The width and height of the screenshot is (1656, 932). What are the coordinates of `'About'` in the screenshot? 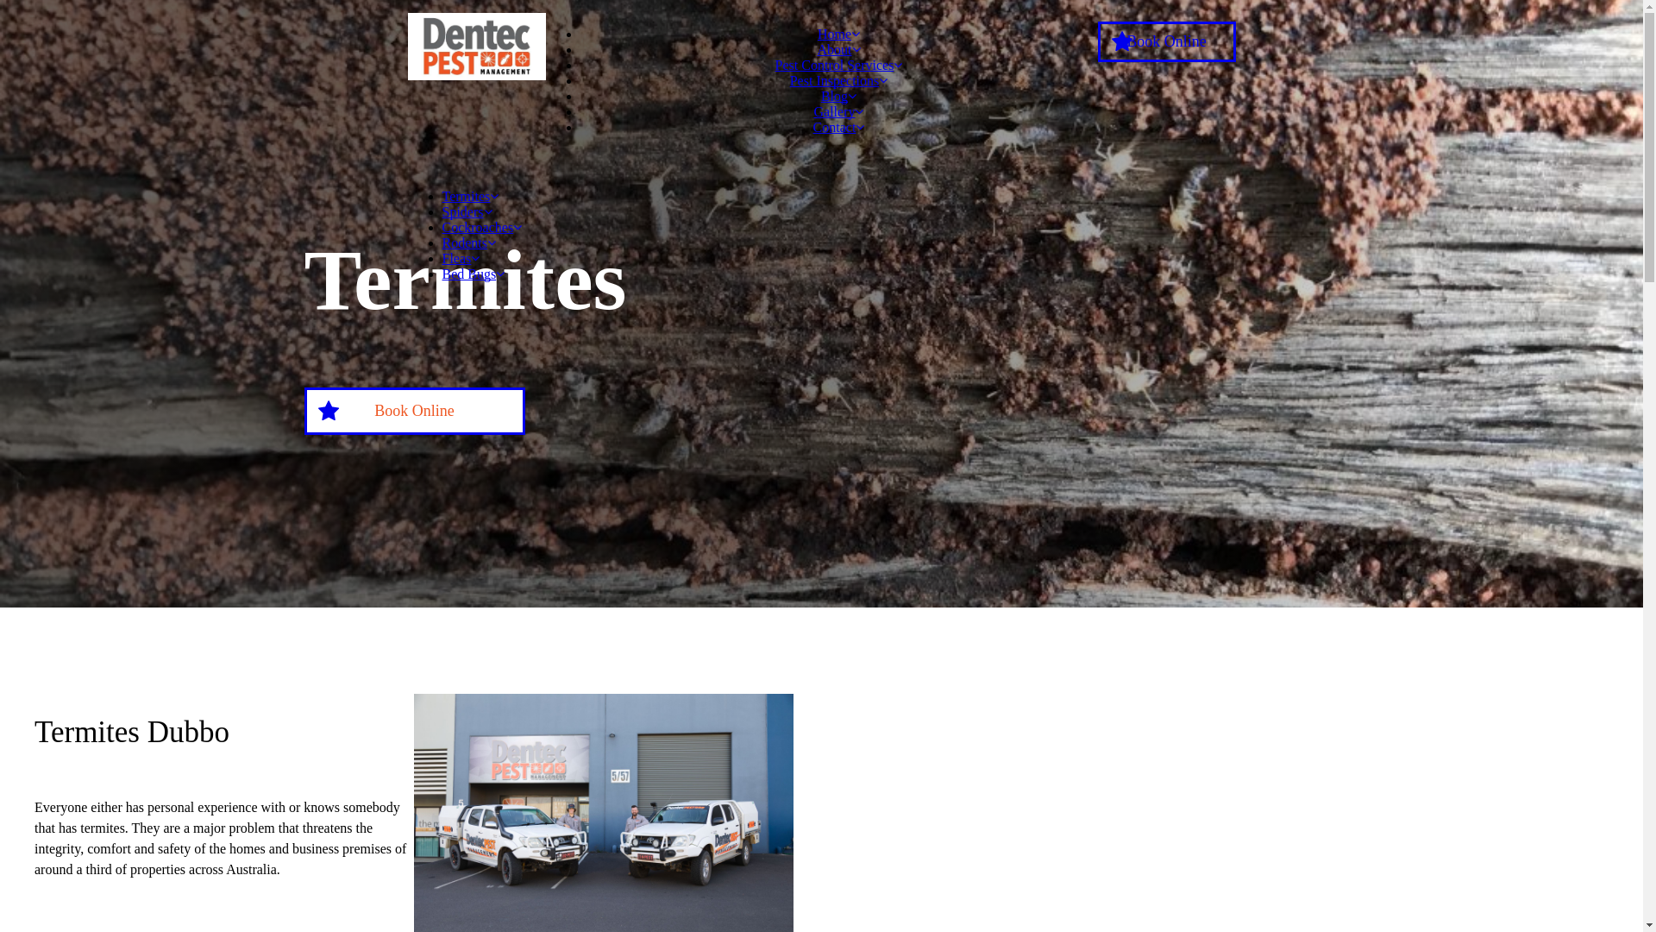 It's located at (817, 48).